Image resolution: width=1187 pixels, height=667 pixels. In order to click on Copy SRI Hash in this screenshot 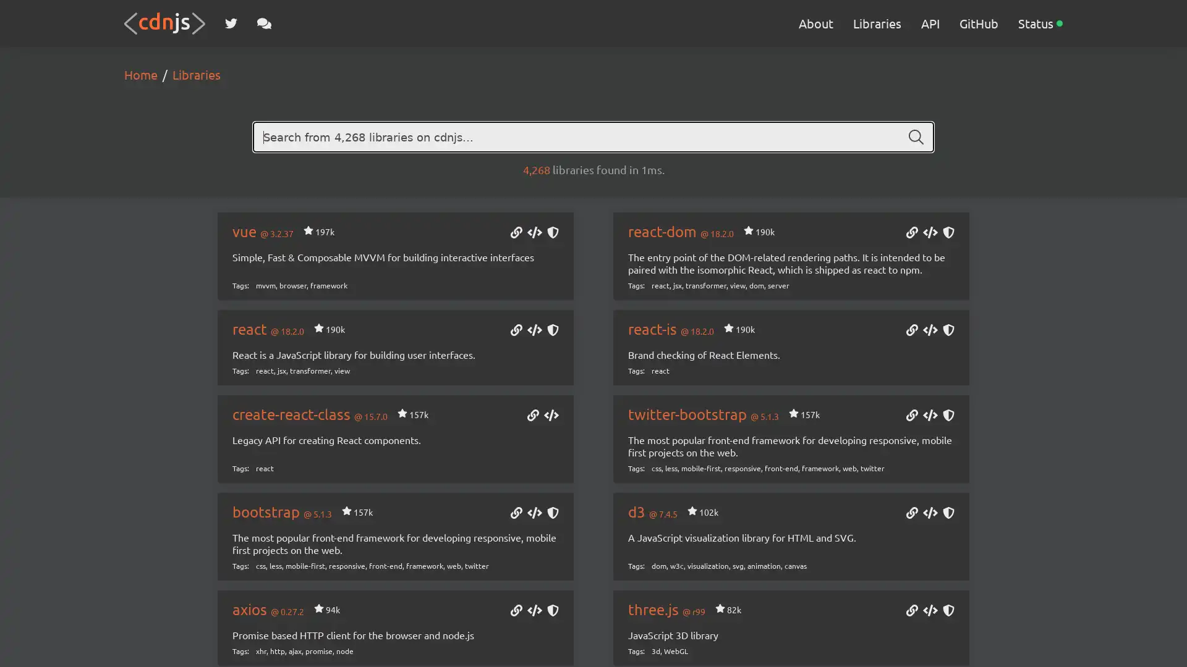, I will do `click(551, 611)`.